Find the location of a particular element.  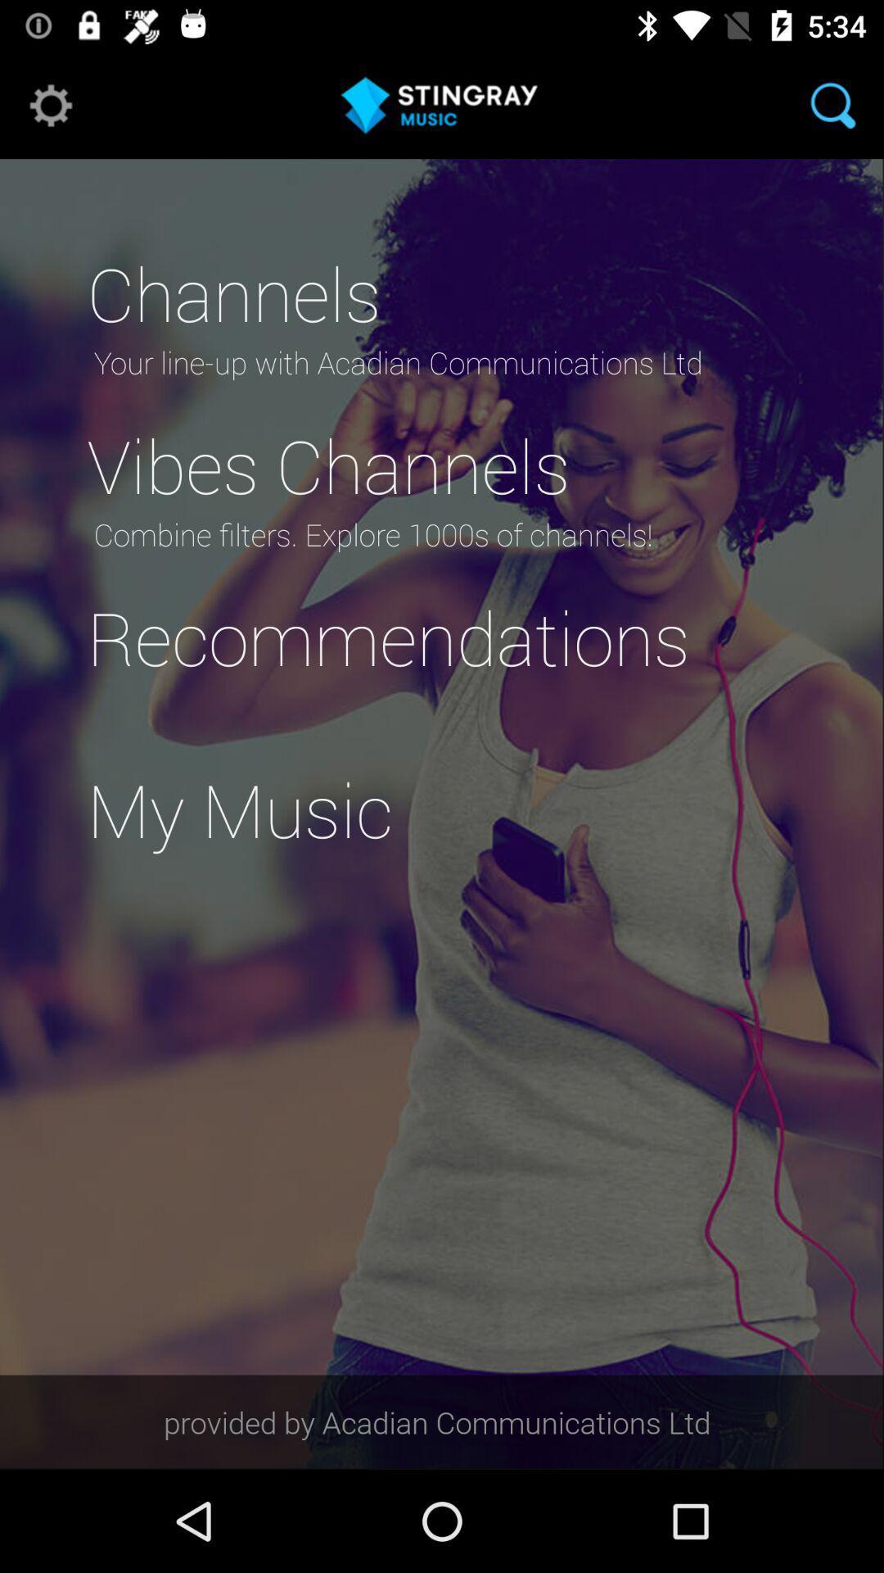

the item at the top right corner is located at coordinates (832, 104).